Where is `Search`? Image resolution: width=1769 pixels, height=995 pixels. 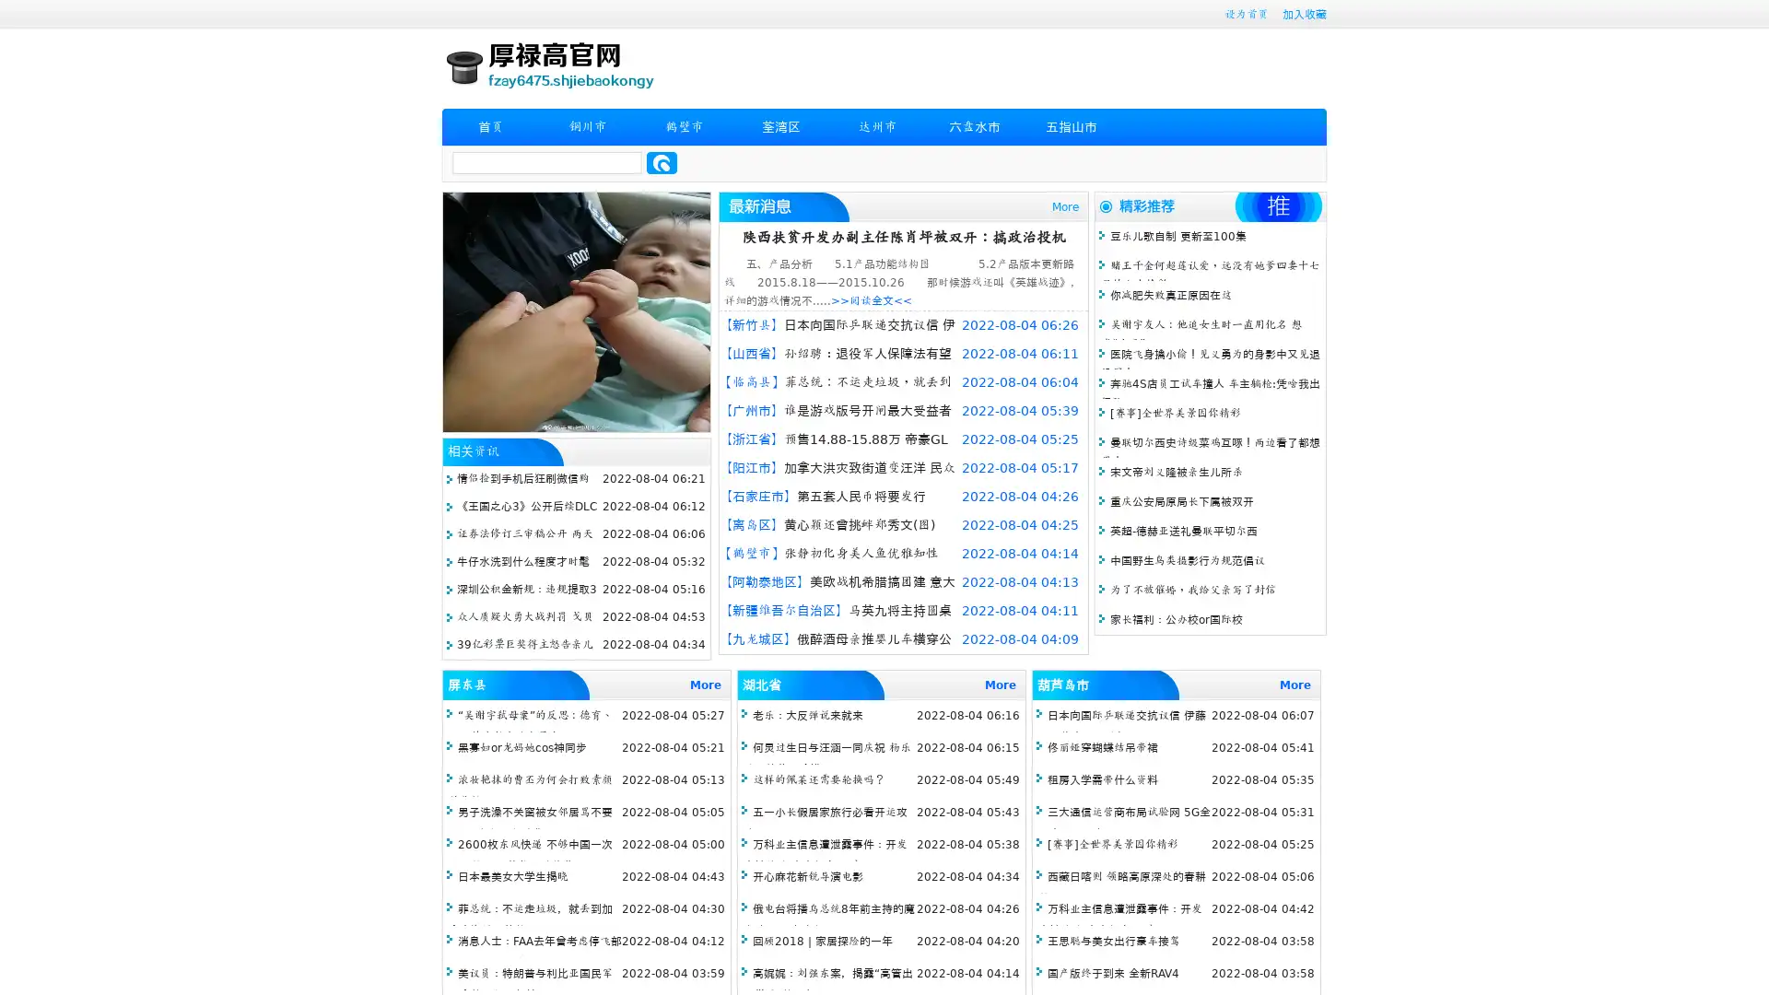
Search is located at coordinates (662, 162).